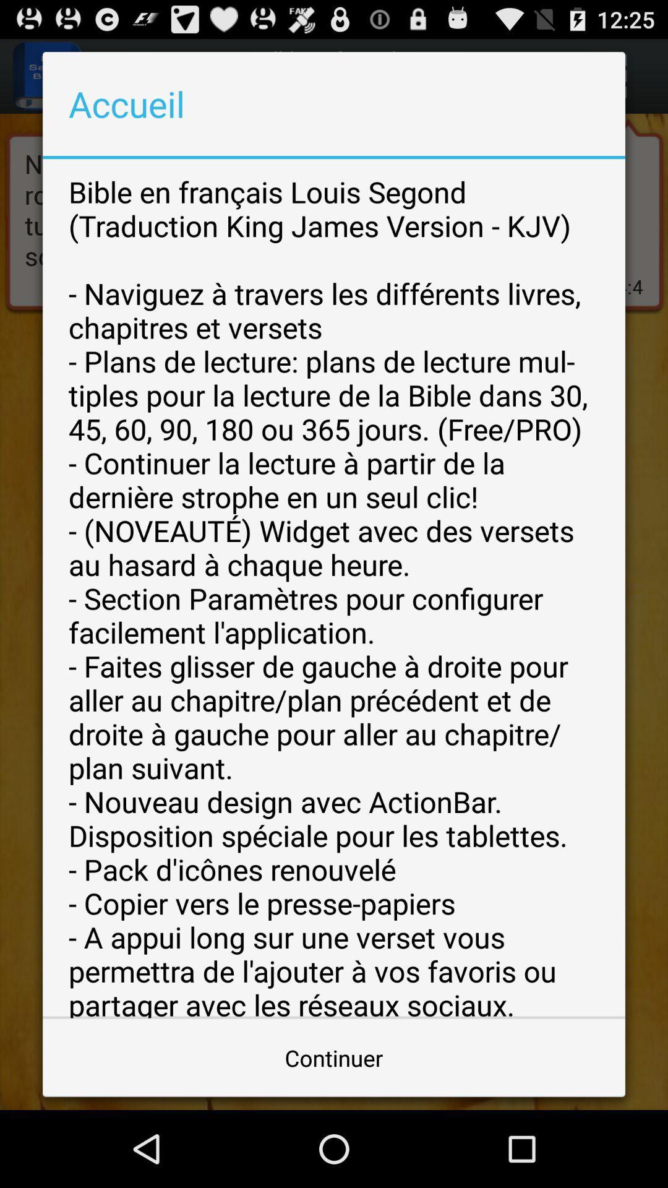  What do you see at coordinates (334, 1057) in the screenshot?
I see `continuer button` at bounding box center [334, 1057].